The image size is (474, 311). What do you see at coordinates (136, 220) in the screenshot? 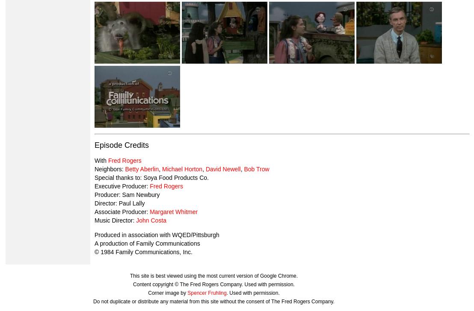
I see `'John Costa'` at bounding box center [136, 220].